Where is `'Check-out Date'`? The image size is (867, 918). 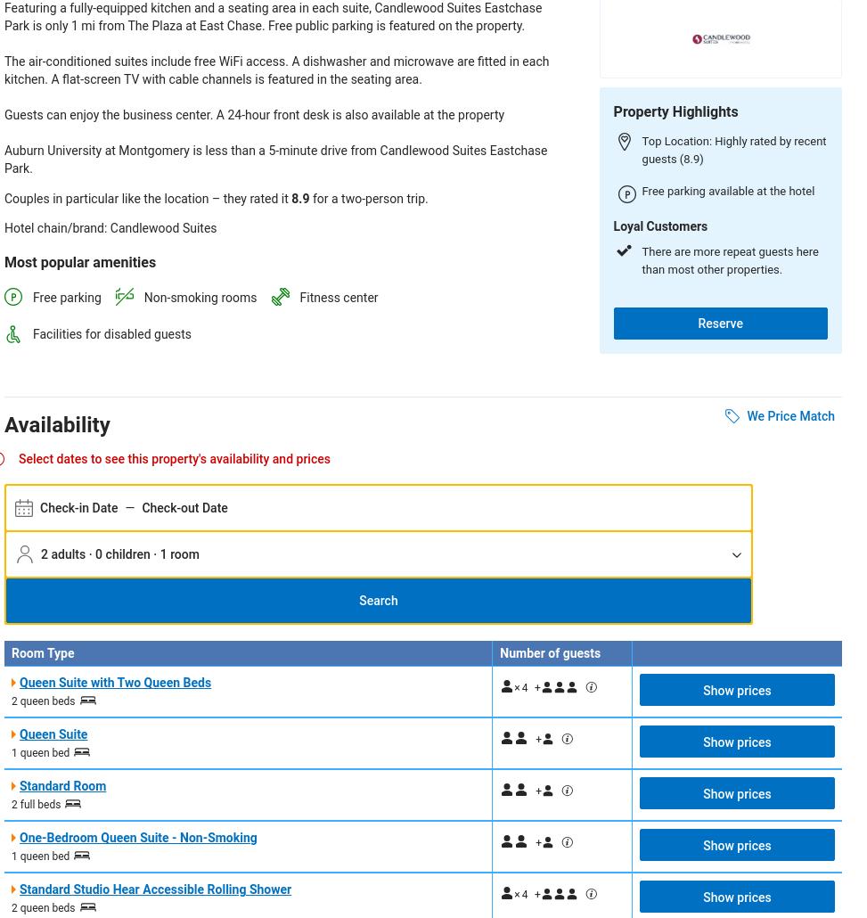 'Check-out Date' is located at coordinates (184, 508).